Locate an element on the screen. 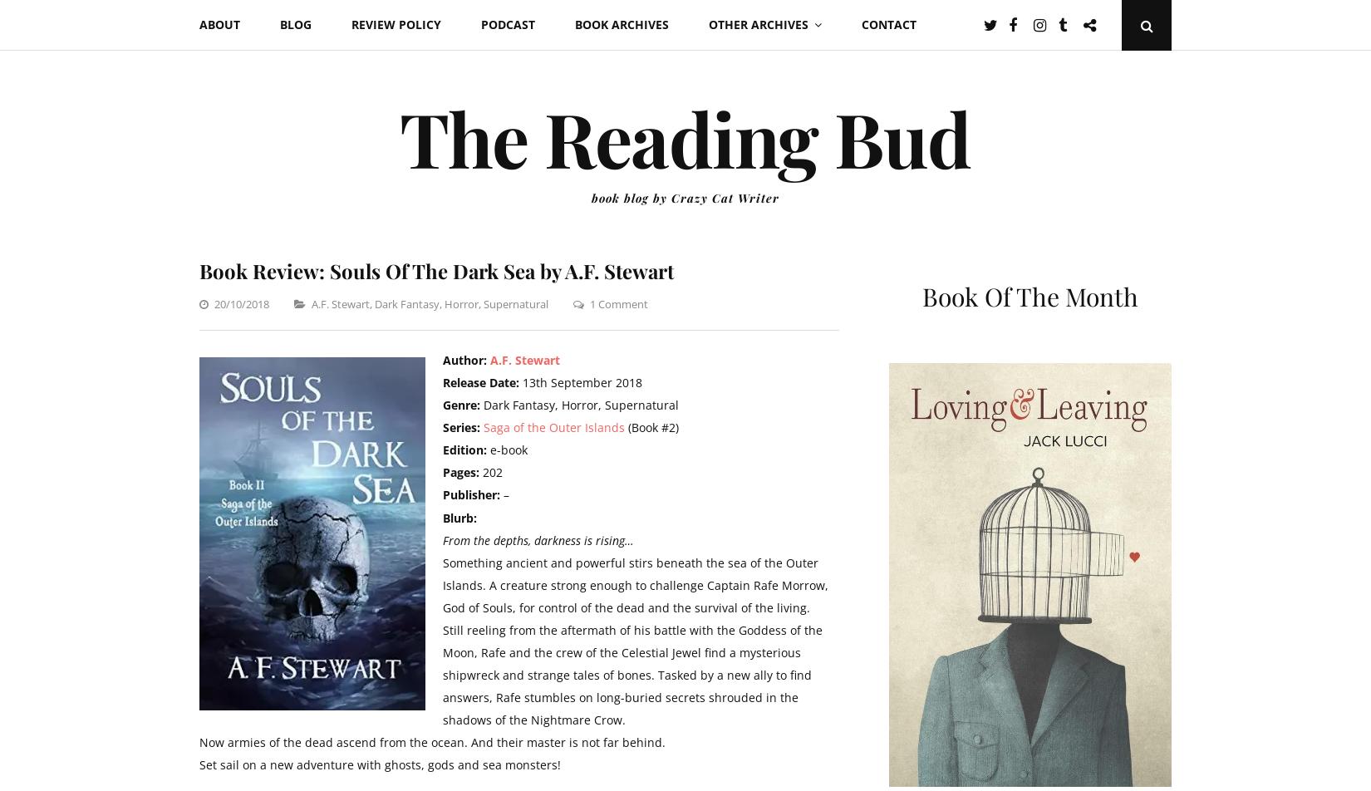  '20/10/2018' is located at coordinates (242, 304).